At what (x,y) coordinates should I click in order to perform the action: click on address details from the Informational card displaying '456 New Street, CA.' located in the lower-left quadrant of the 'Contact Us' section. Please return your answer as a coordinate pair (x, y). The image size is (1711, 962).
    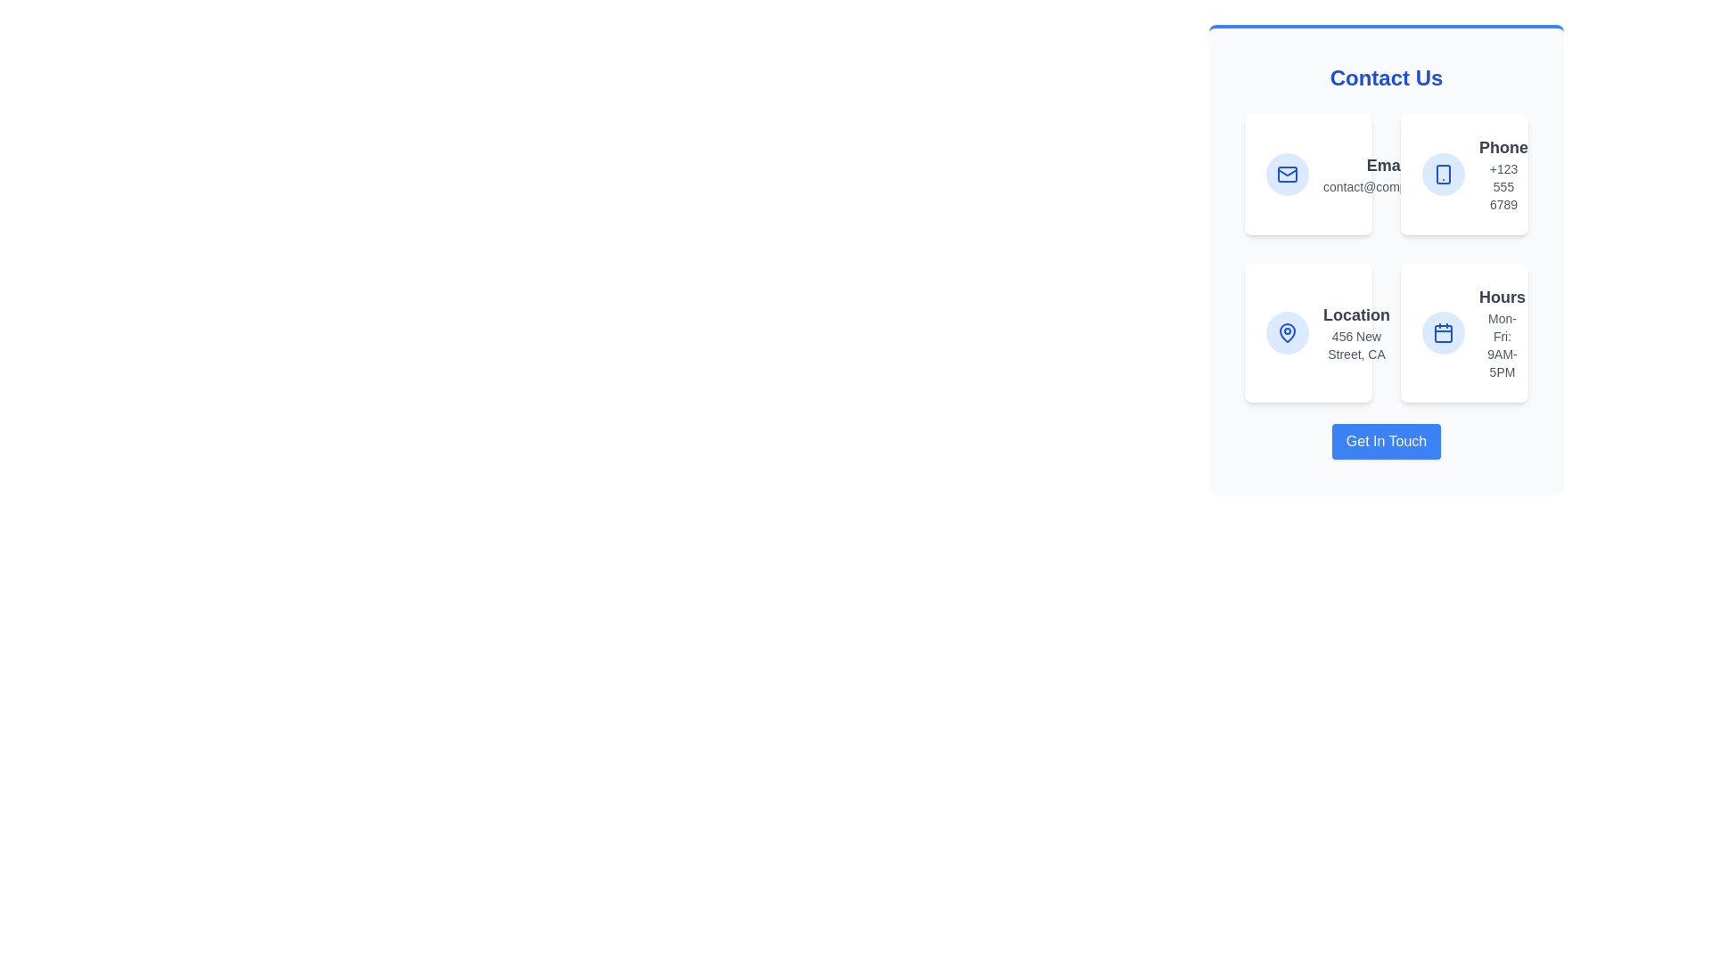
    Looking at the image, I should click on (1308, 333).